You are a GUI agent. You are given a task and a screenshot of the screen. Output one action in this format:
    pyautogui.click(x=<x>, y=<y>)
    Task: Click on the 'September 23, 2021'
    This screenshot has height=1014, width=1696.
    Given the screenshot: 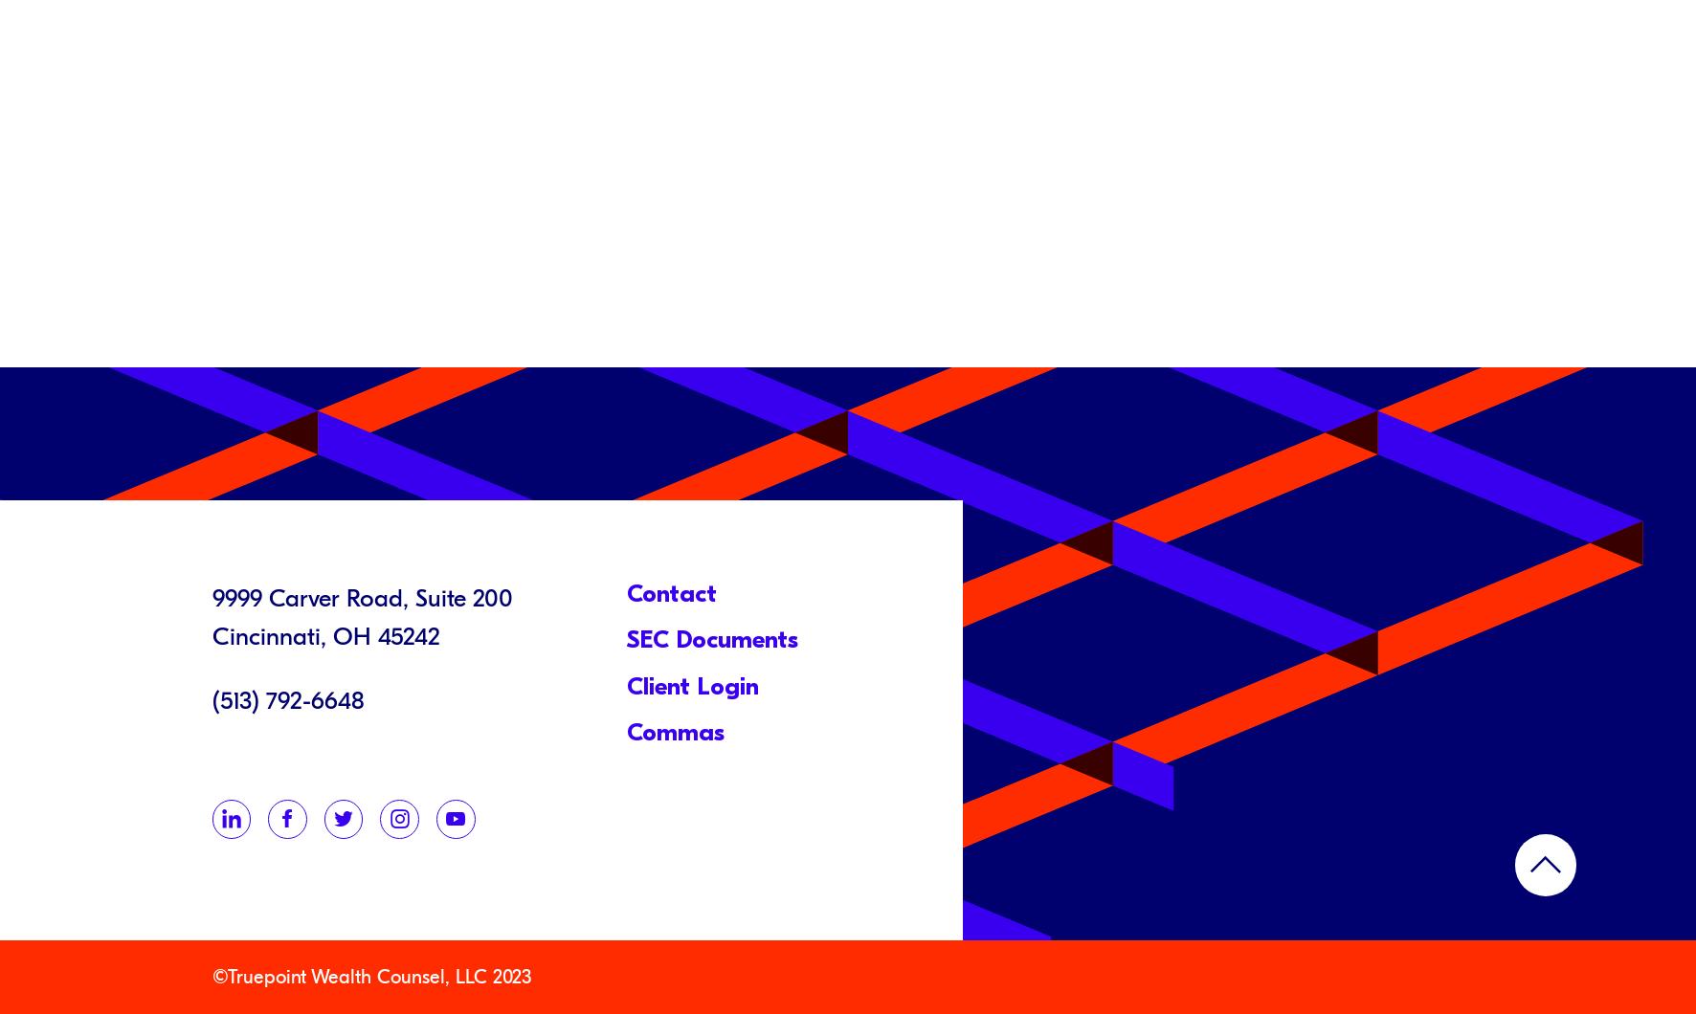 What is the action you would take?
    pyautogui.click(x=309, y=187)
    